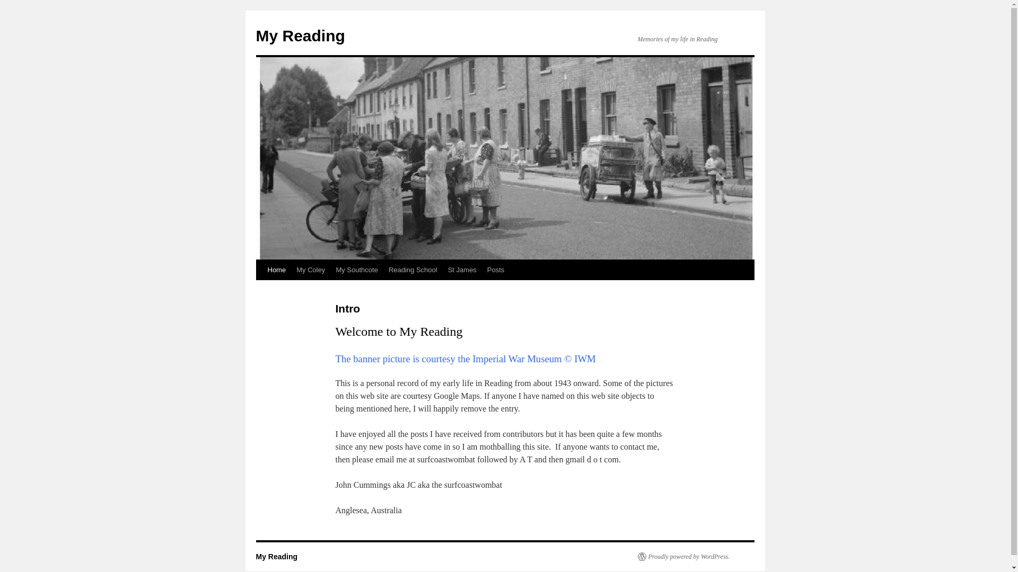 The height and width of the screenshot is (572, 1018). What do you see at coordinates (276, 556) in the screenshot?
I see `'My Reading'` at bounding box center [276, 556].